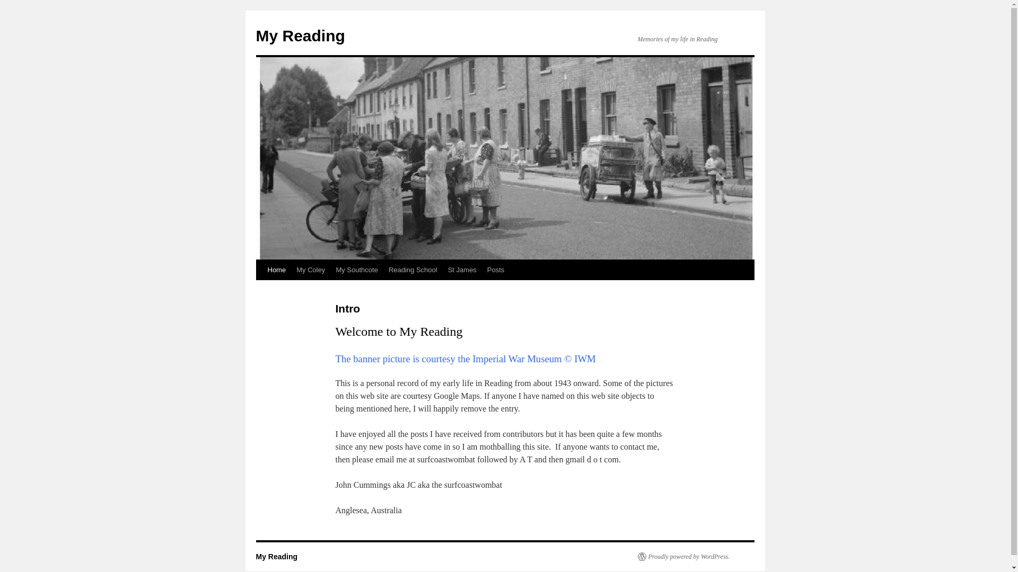 The height and width of the screenshot is (572, 1018). What do you see at coordinates (276, 556) in the screenshot?
I see `'My Reading'` at bounding box center [276, 556].